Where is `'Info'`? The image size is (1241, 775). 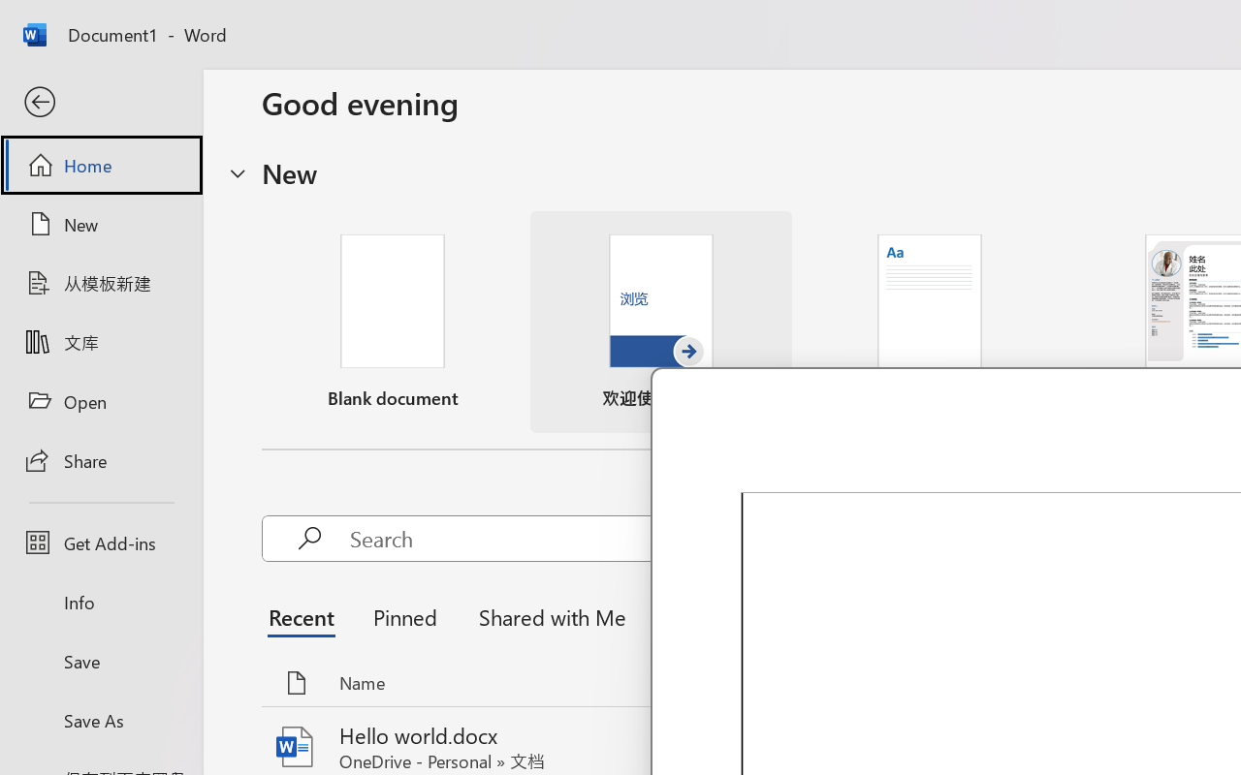
'Info' is located at coordinates (100, 602).